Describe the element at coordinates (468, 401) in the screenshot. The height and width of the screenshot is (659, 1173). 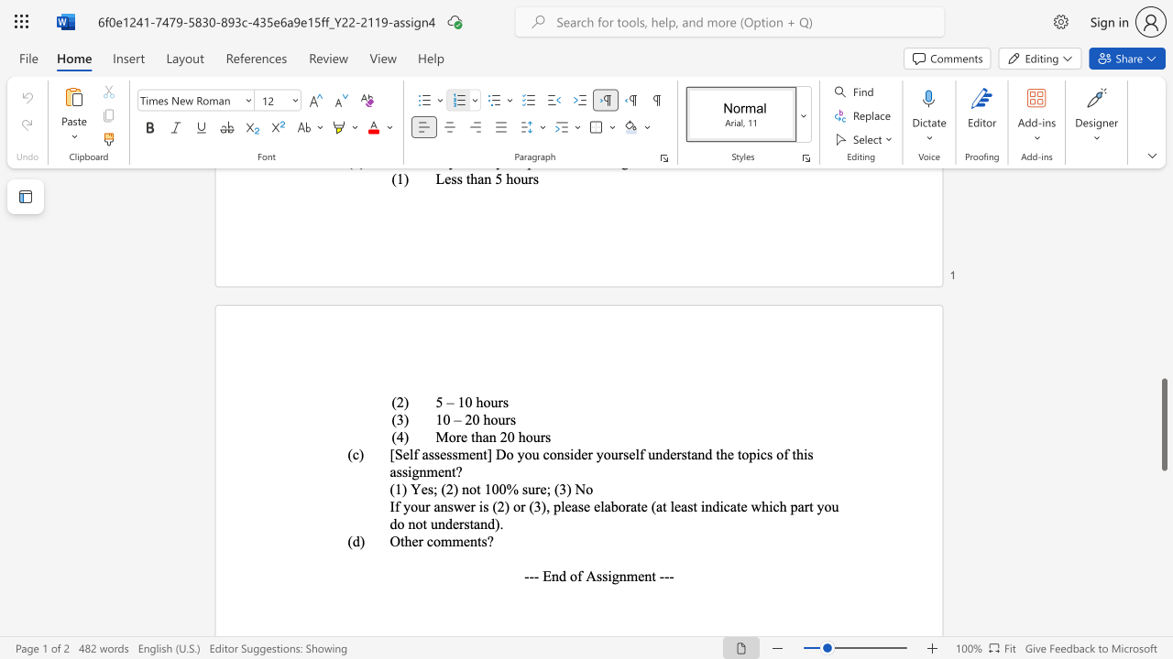
I see `the 1th character "0" in the text` at that location.